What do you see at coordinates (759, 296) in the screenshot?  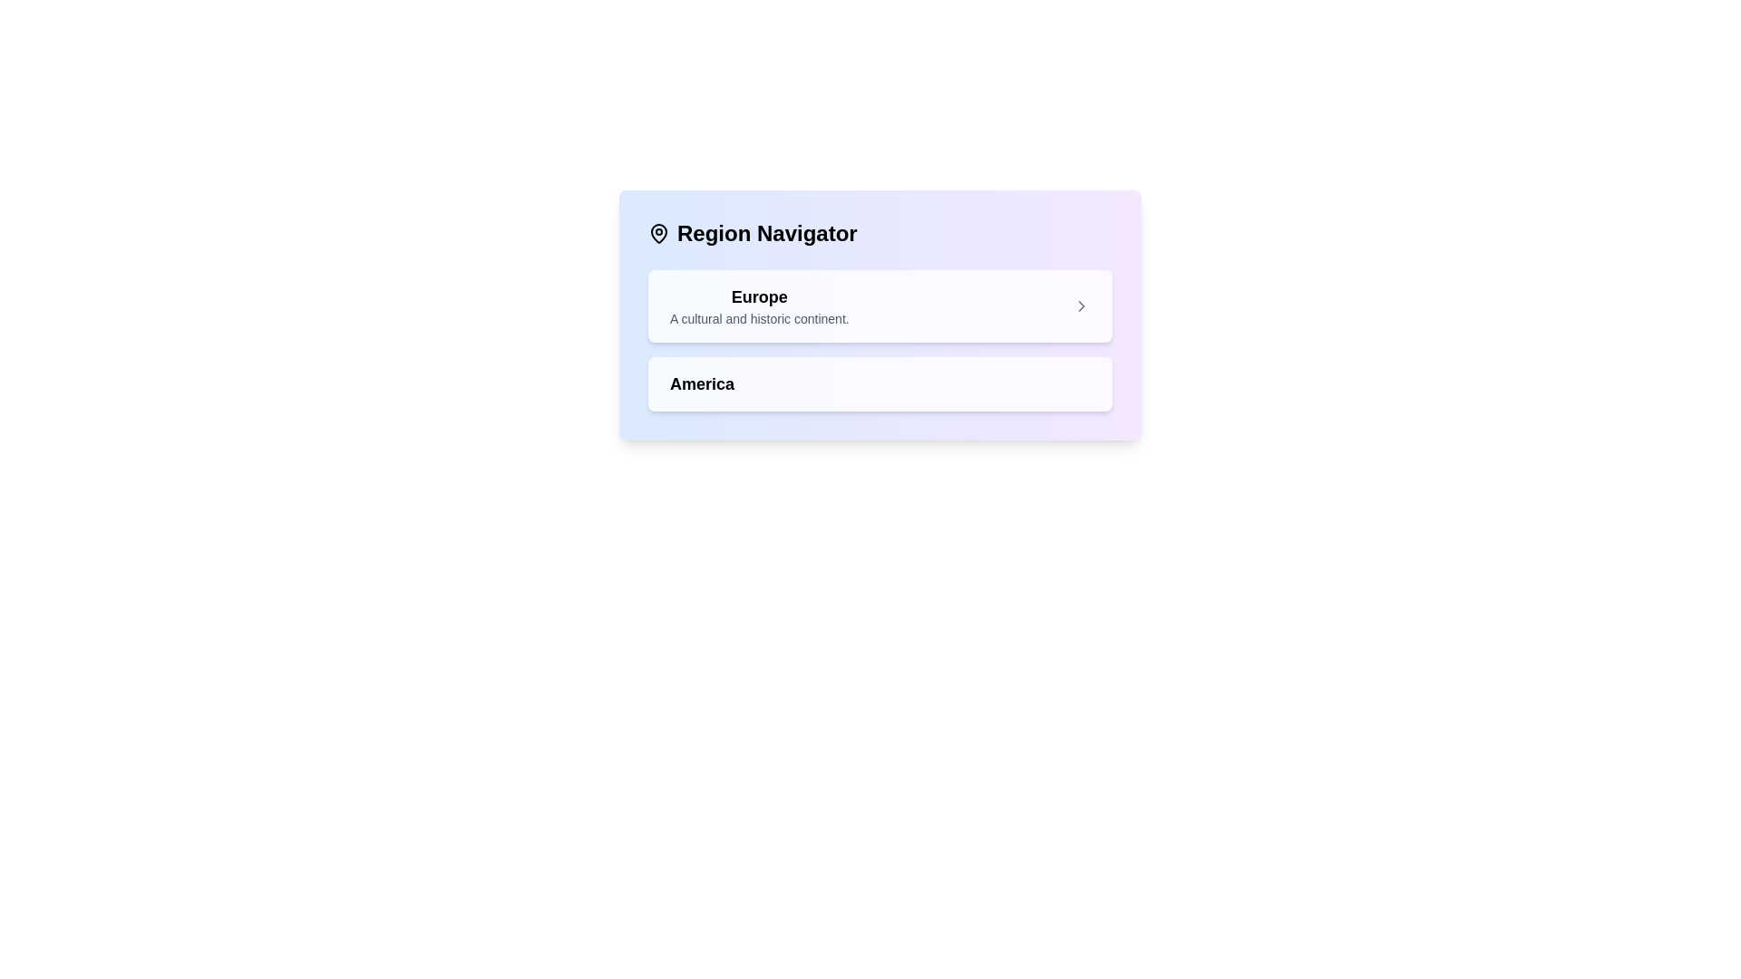 I see `text content of the 'Europe' label, which is the first and larger text entry in the 'Region Navigator' section` at bounding box center [759, 296].